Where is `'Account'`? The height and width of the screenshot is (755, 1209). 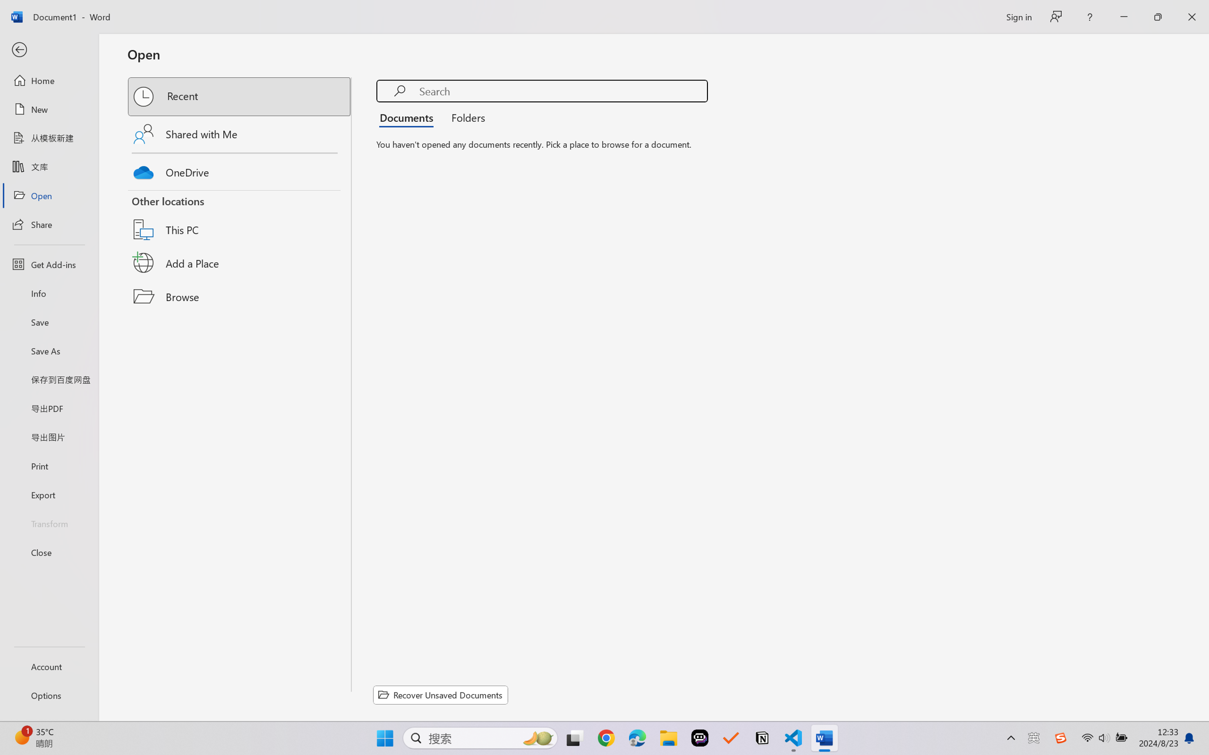 'Account' is located at coordinates (48, 666).